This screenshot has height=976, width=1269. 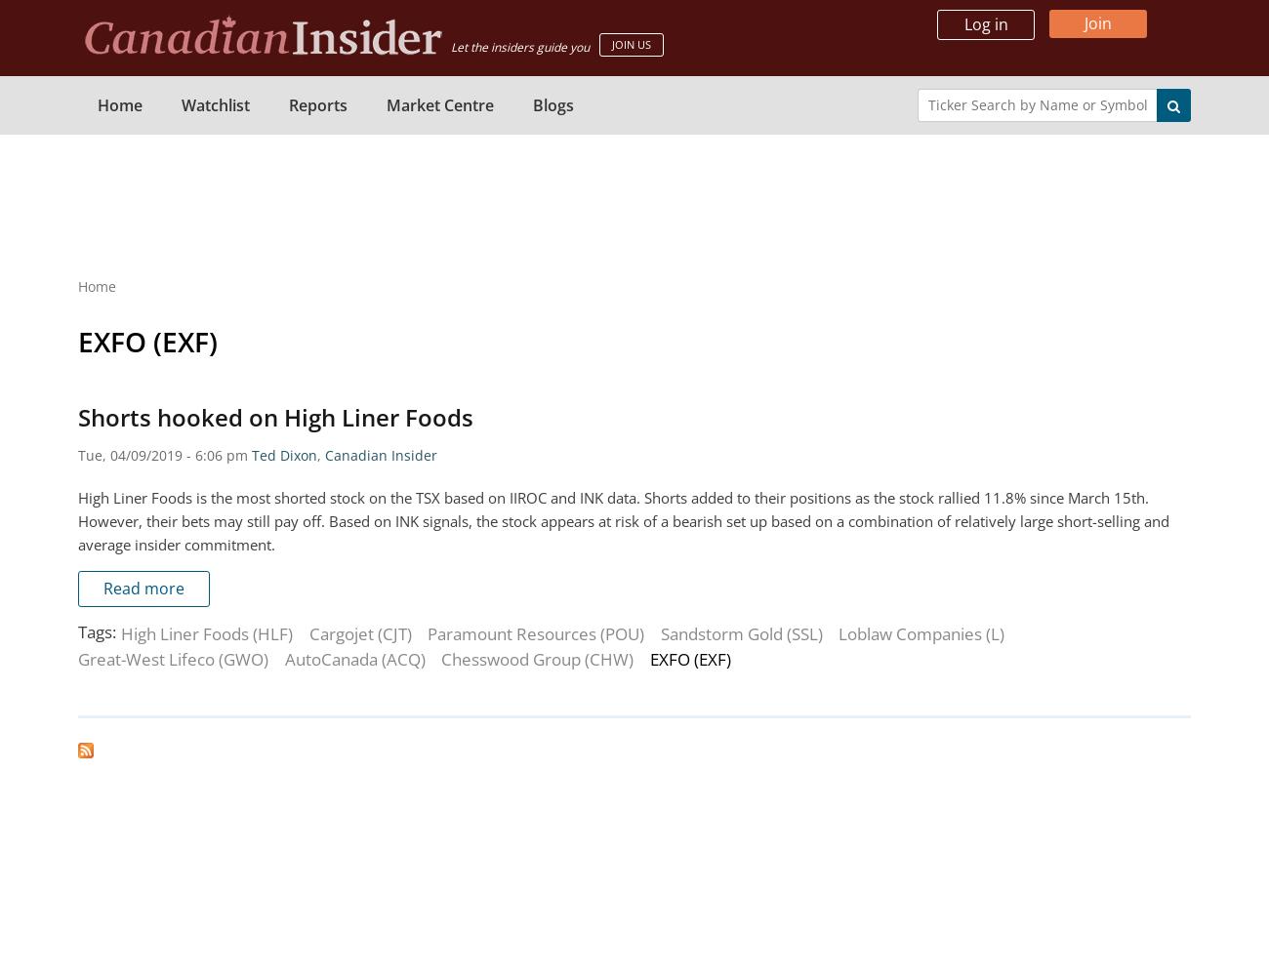 I want to click on 'Let the insiders guide you', so click(x=450, y=47).